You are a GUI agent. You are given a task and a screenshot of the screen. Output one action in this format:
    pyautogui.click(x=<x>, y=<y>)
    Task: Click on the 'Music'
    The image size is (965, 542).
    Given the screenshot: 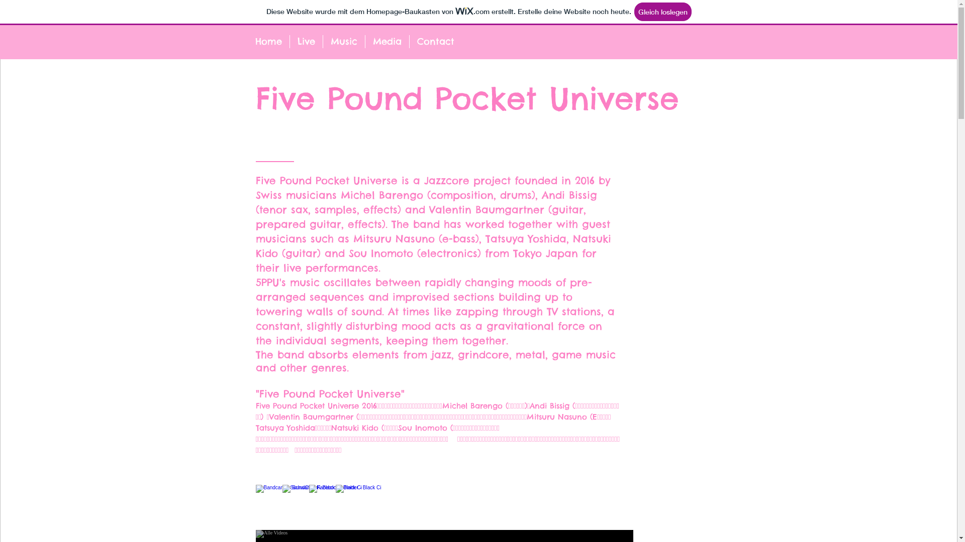 What is the action you would take?
    pyautogui.click(x=323, y=41)
    